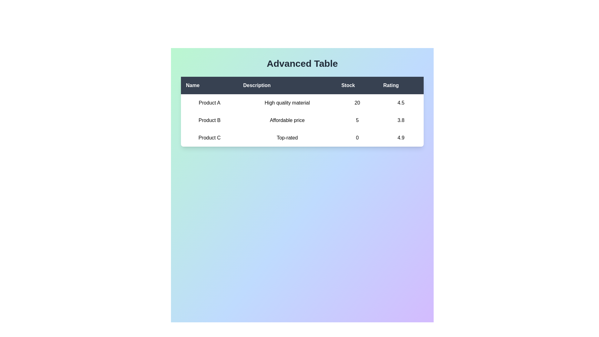  What do you see at coordinates (401, 103) in the screenshot?
I see `the static text displaying the rating of 'Product A' located in the first row of the table under the 'Rating' column, to the right of the stock information` at bounding box center [401, 103].